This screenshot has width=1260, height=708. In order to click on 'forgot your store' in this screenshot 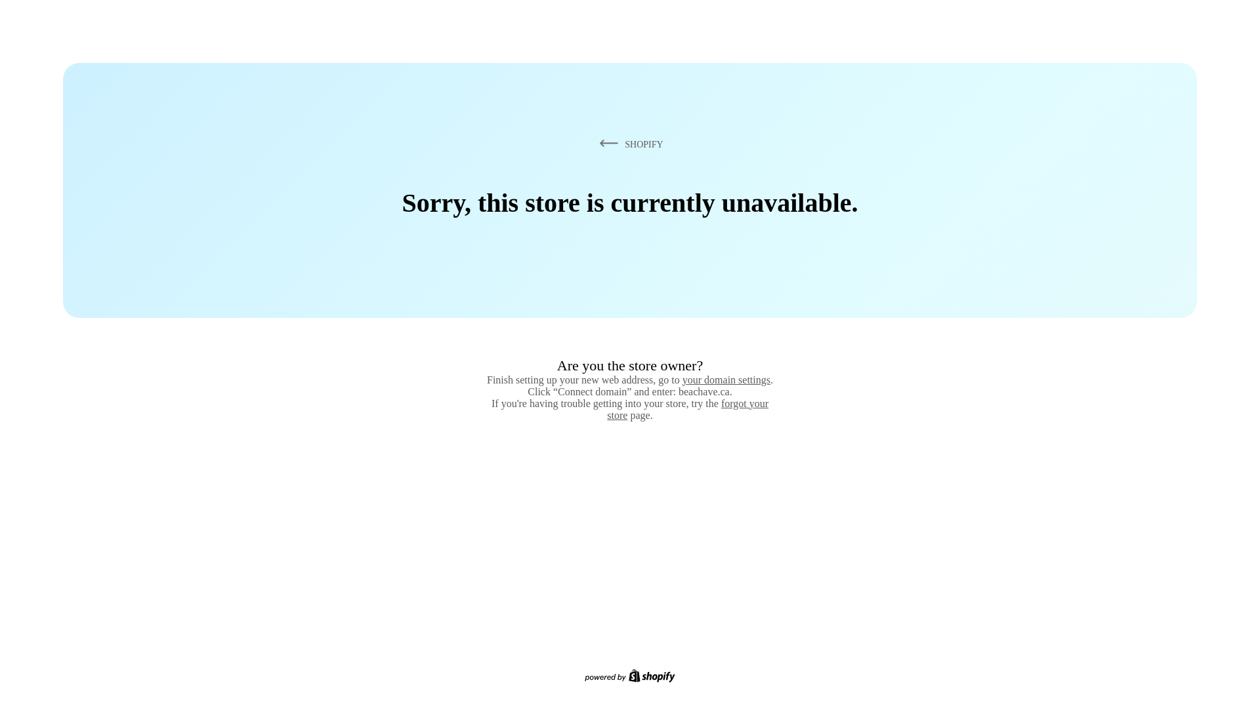, I will do `click(606, 408)`.